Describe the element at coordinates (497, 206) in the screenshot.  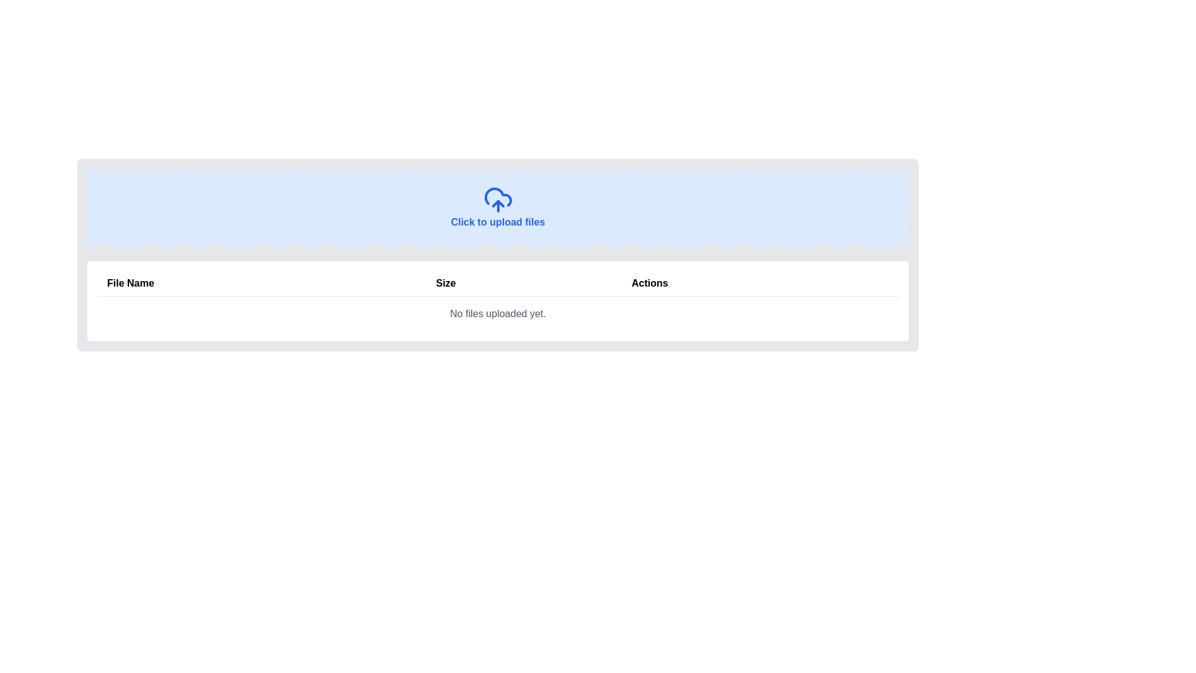
I see `the blue-colored text label displaying 'Click to upload files.'` at that location.